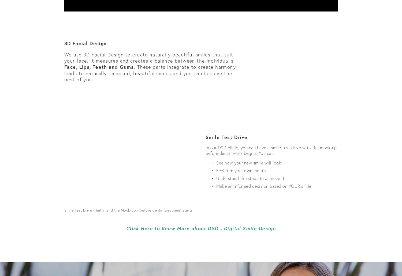 This screenshot has height=276, width=402. What do you see at coordinates (99, 66) in the screenshot?
I see `'Face, Lips, Teeth and Gums'` at bounding box center [99, 66].